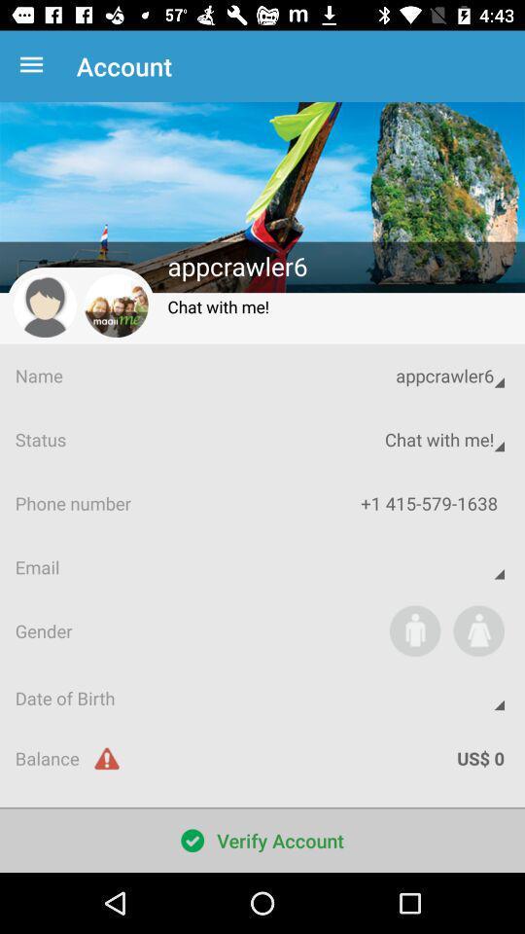 This screenshot has height=934, width=525. I want to click on the item next to the account icon, so click(35, 66).